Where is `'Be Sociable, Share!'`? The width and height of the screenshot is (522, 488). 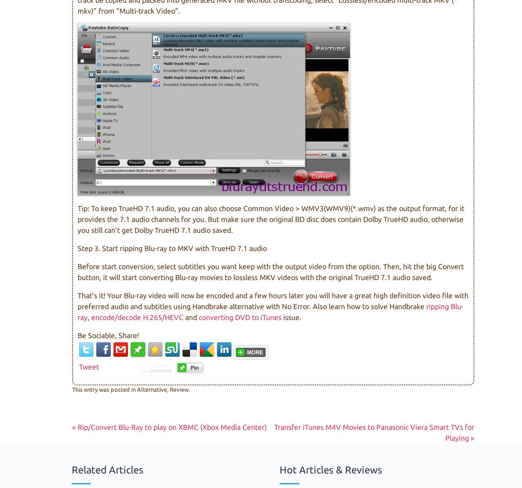
'Be Sociable, Share!' is located at coordinates (108, 335).